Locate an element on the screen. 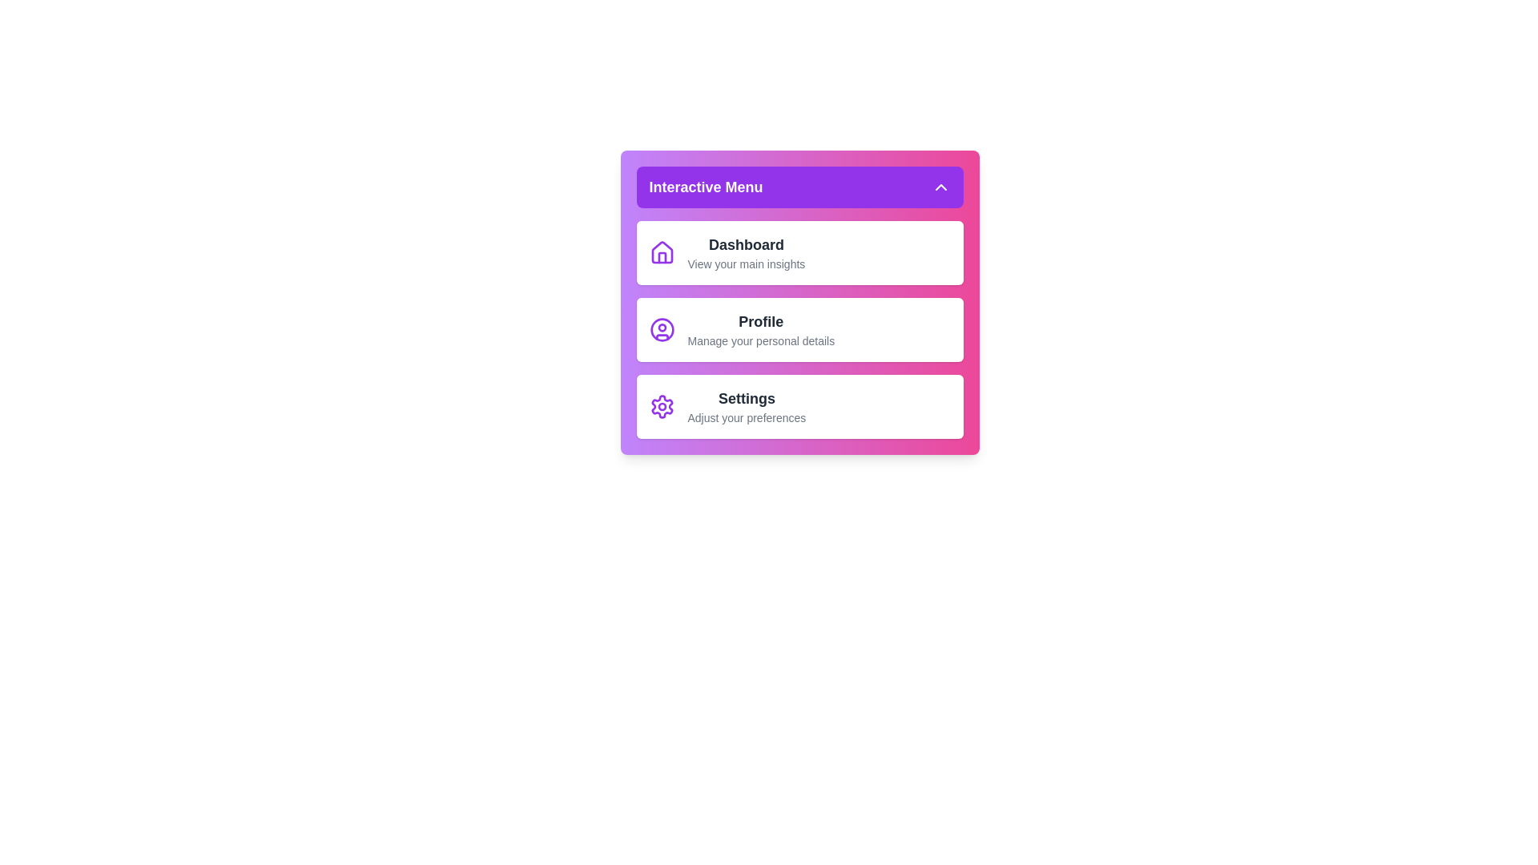  the menu item Settings is located at coordinates (799, 406).